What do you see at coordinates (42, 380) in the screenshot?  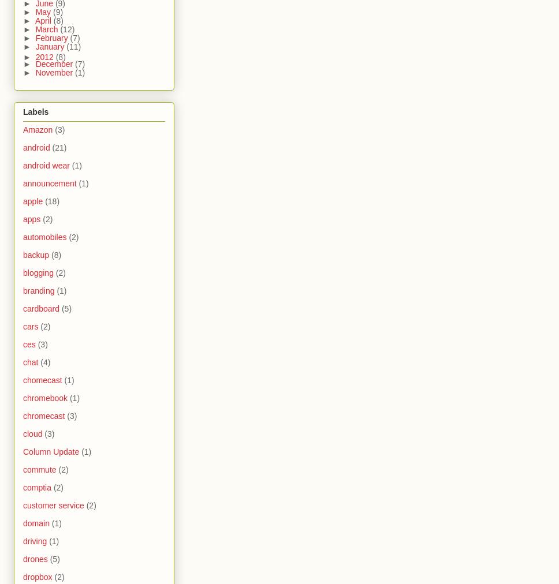 I see `'chomecast'` at bounding box center [42, 380].